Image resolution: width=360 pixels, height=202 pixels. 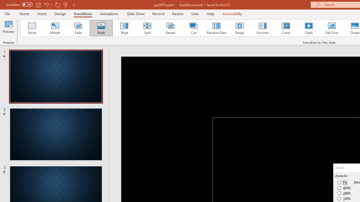 What do you see at coordinates (31, 28) in the screenshot?
I see `'None'` at bounding box center [31, 28].